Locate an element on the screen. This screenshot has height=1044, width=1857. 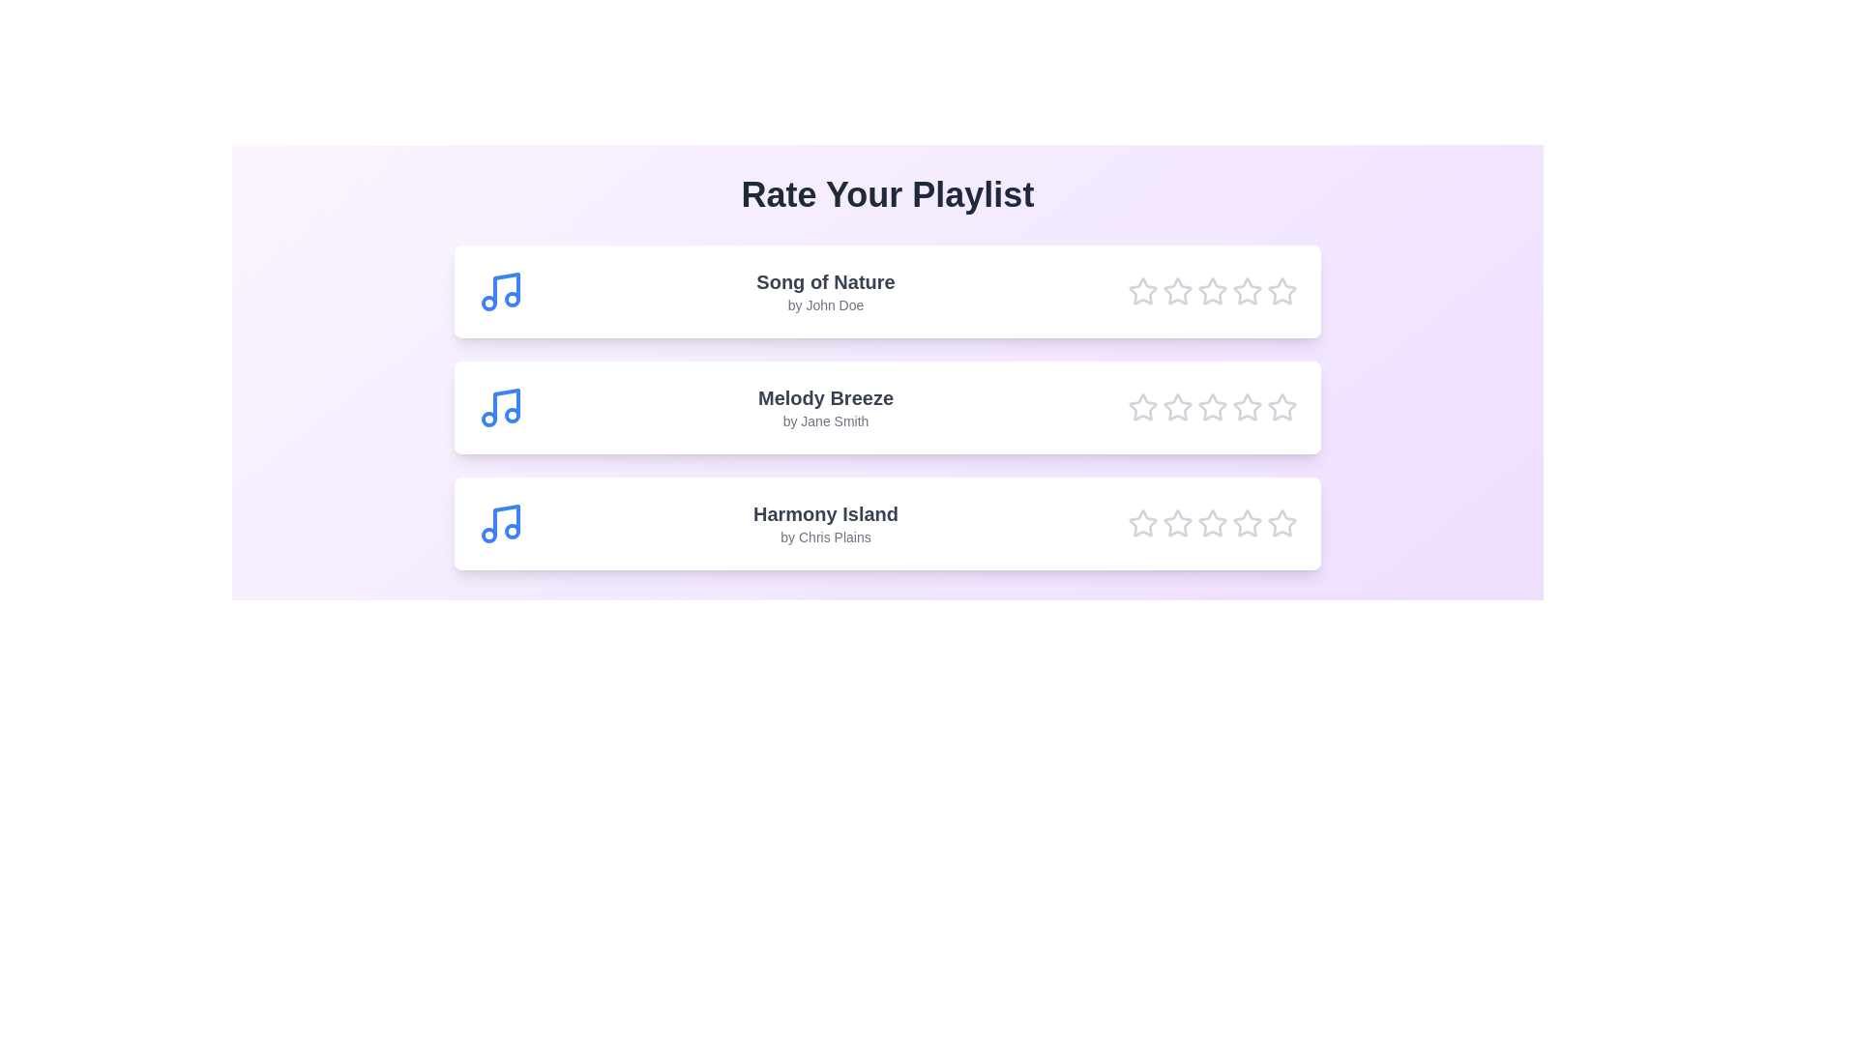
the star corresponding to 2 for the song Song of Nature is located at coordinates (1177, 291).